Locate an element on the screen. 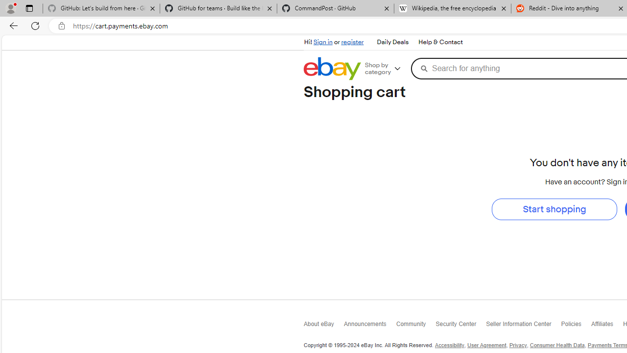 The width and height of the screenshot is (627, 353). 'Affiliates' is located at coordinates (606, 327).